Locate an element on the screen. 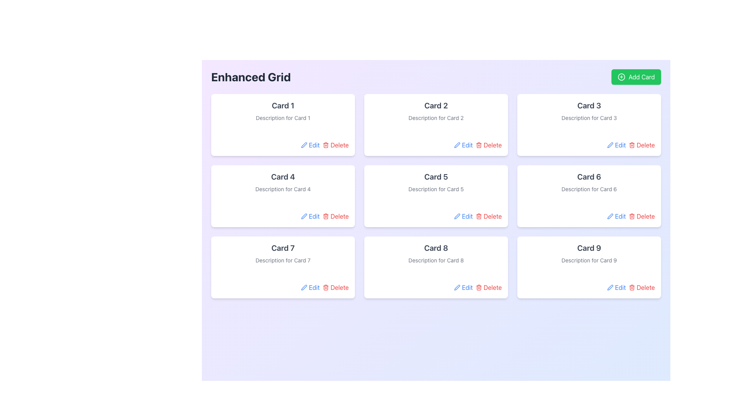 This screenshot has width=744, height=418. the interactive text link with icon located to the immediate left of the 'Delete' button in the actions row beneath 'Card 9' is located at coordinates (616, 288).